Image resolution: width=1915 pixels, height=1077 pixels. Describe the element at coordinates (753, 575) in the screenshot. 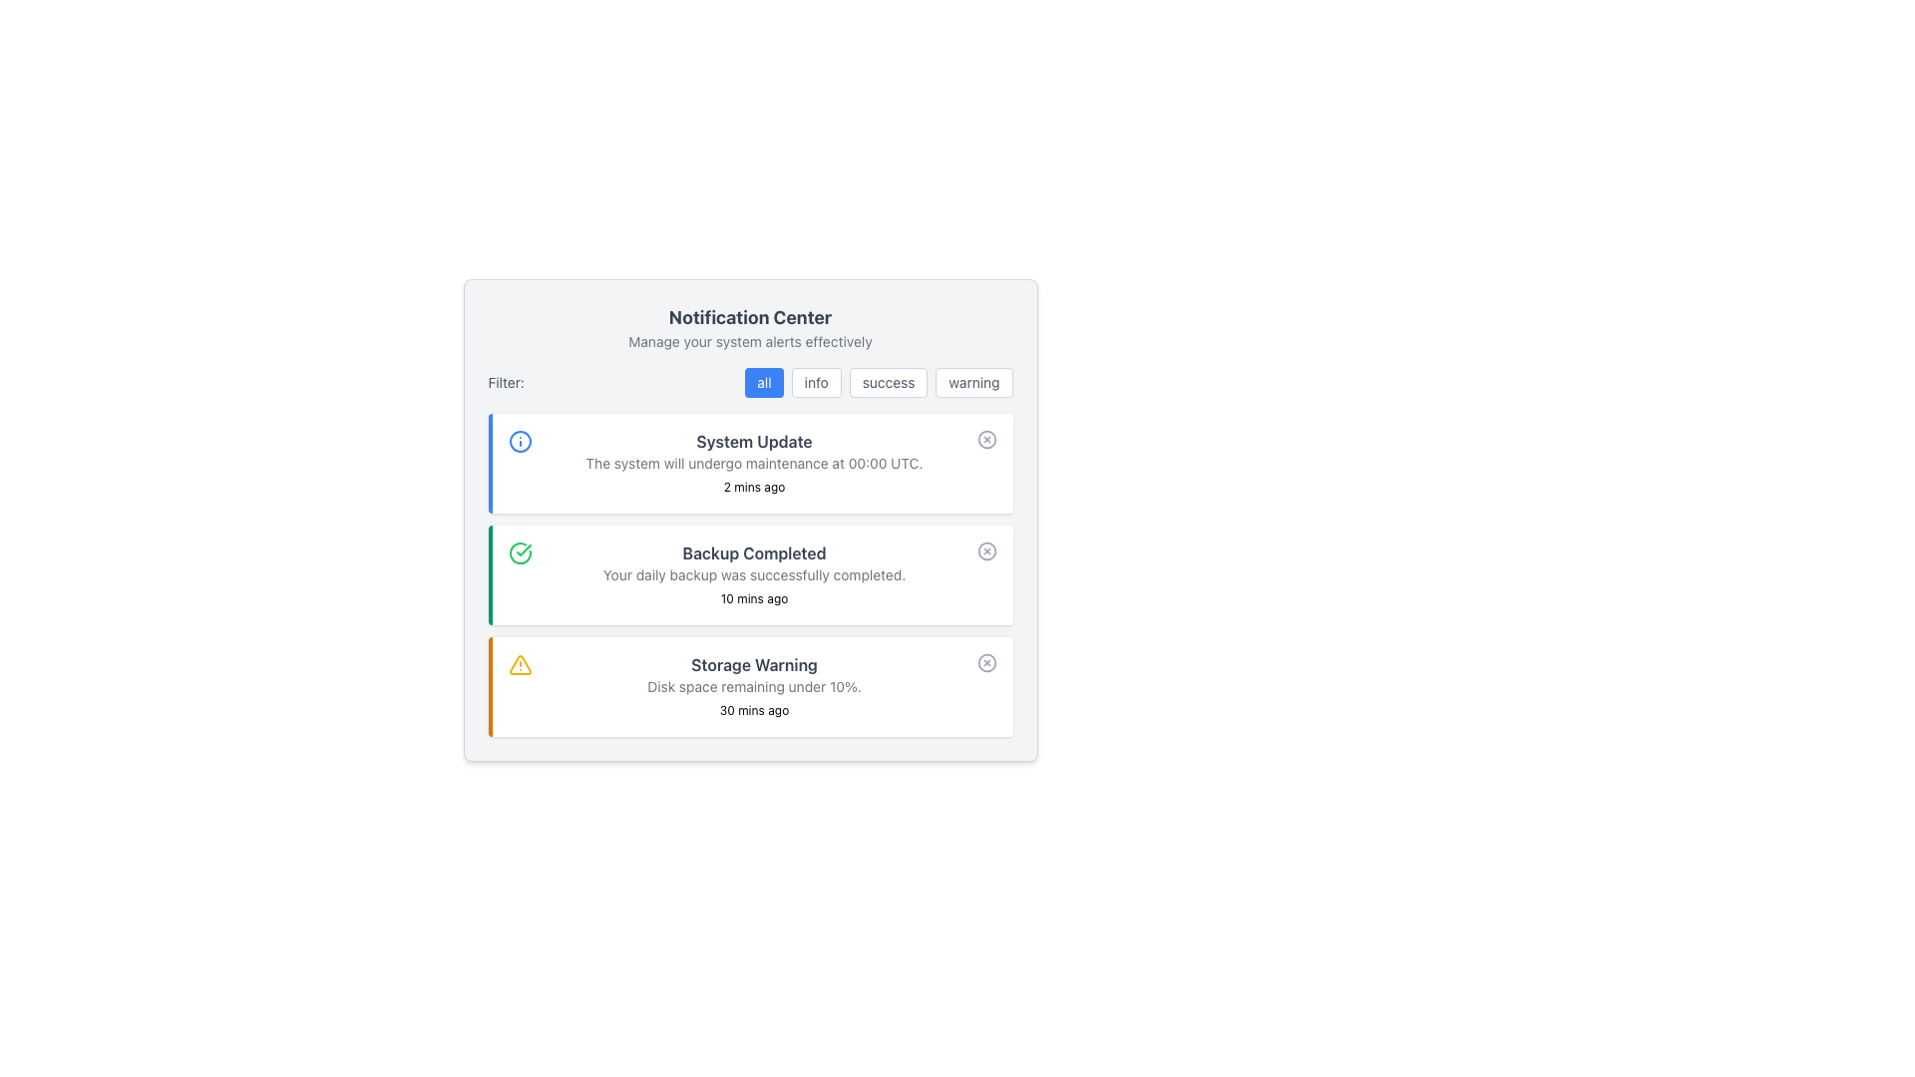

I see `the second notification item in the notification center that indicates the successful completion of a daily backup process, which is styled with a green left border` at that location.